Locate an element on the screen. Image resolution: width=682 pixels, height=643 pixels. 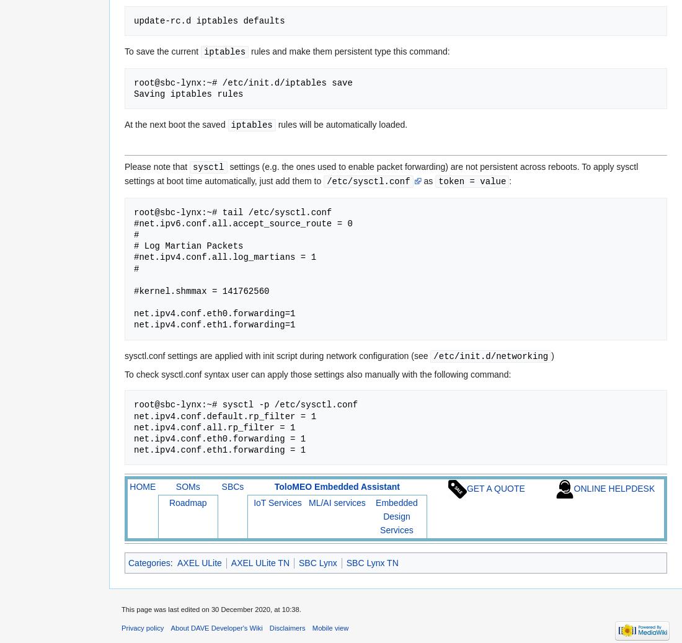
'Embedded Design Services' is located at coordinates (374, 516).